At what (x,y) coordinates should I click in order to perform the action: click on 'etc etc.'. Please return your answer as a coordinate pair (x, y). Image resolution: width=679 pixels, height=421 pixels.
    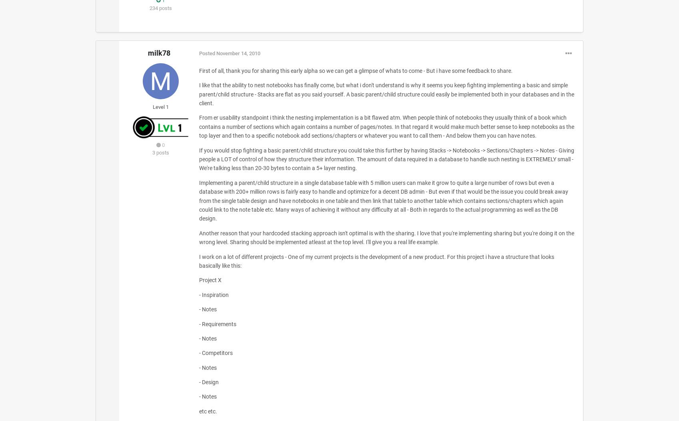
    Looking at the image, I should click on (208, 410).